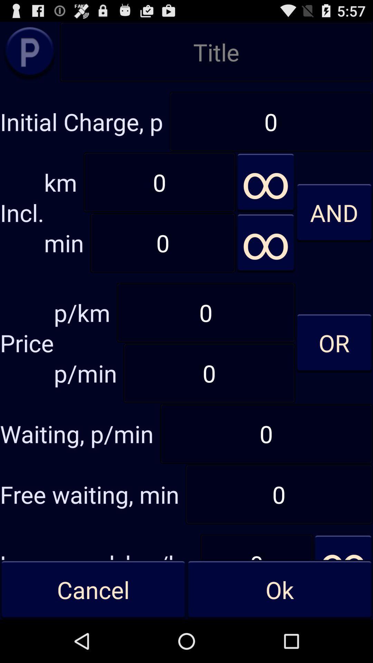 This screenshot has height=663, width=373. I want to click on title, so click(216, 51).